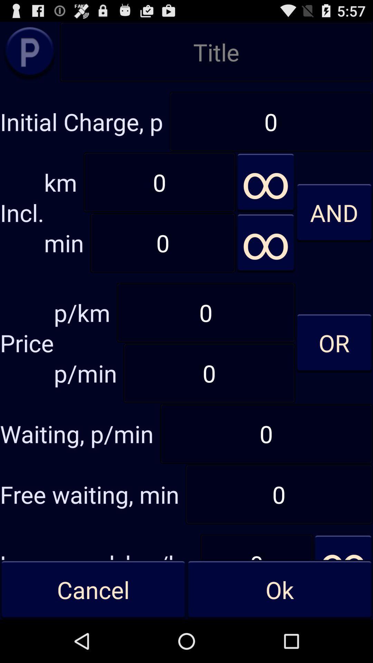 This screenshot has height=663, width=373. I want to click on title, so click(216, 51).